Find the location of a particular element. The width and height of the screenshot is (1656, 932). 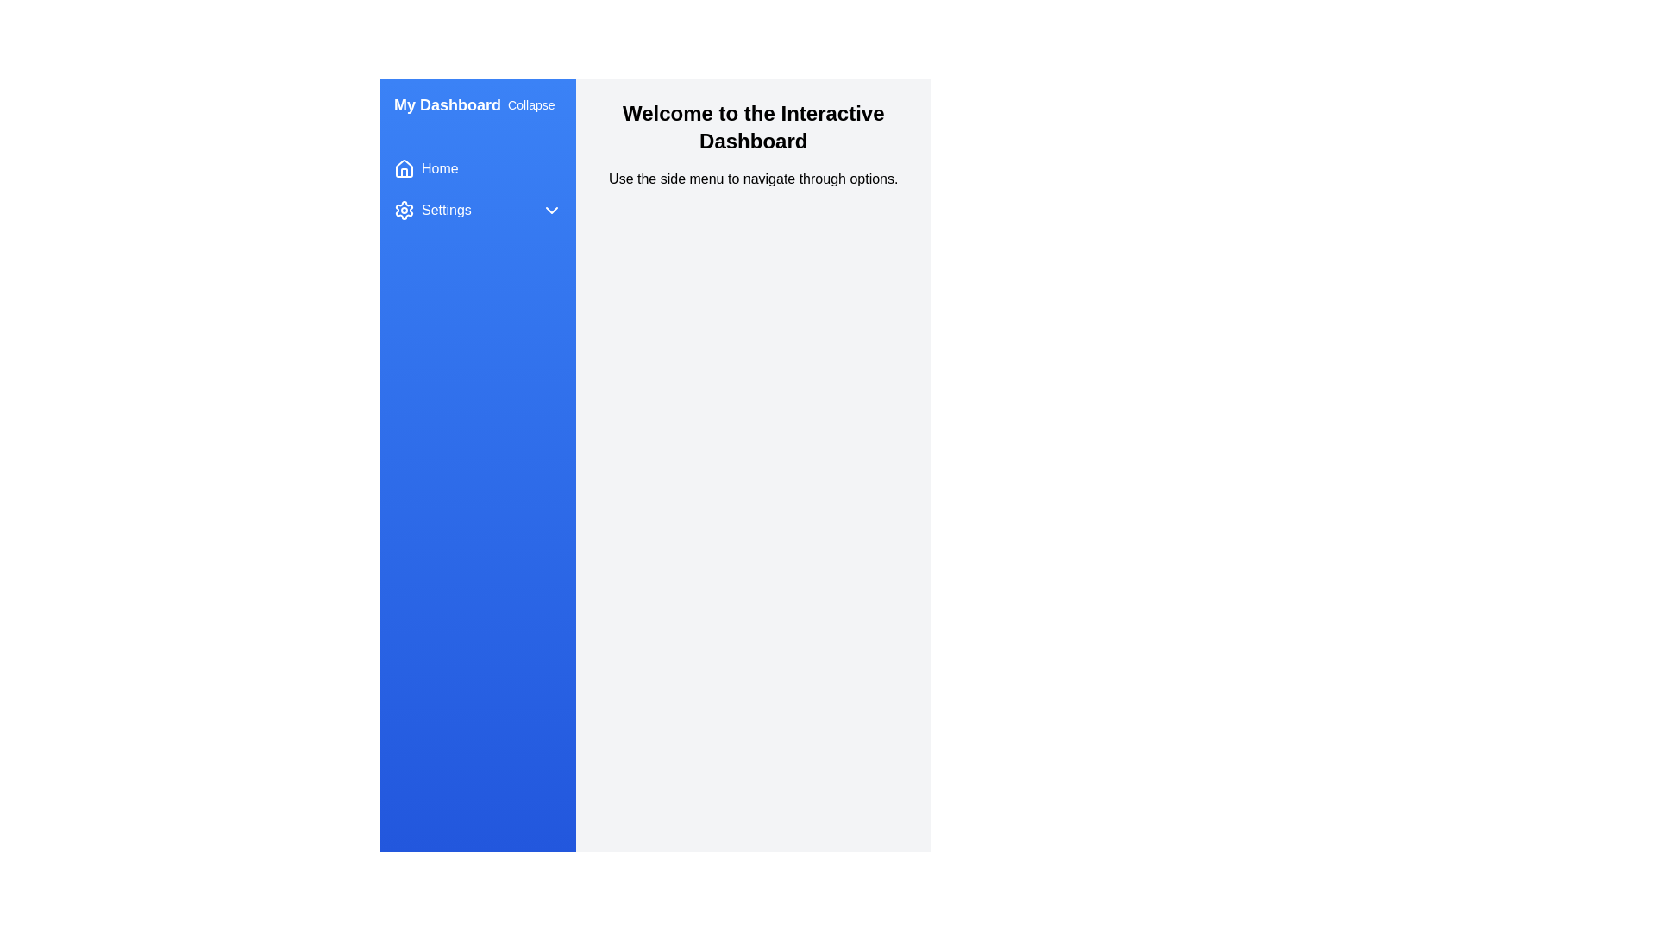

the graphical component of the home icon located at the top left of the application, adjacent to the 'Home' menu item is located at coordinates (404, 173).